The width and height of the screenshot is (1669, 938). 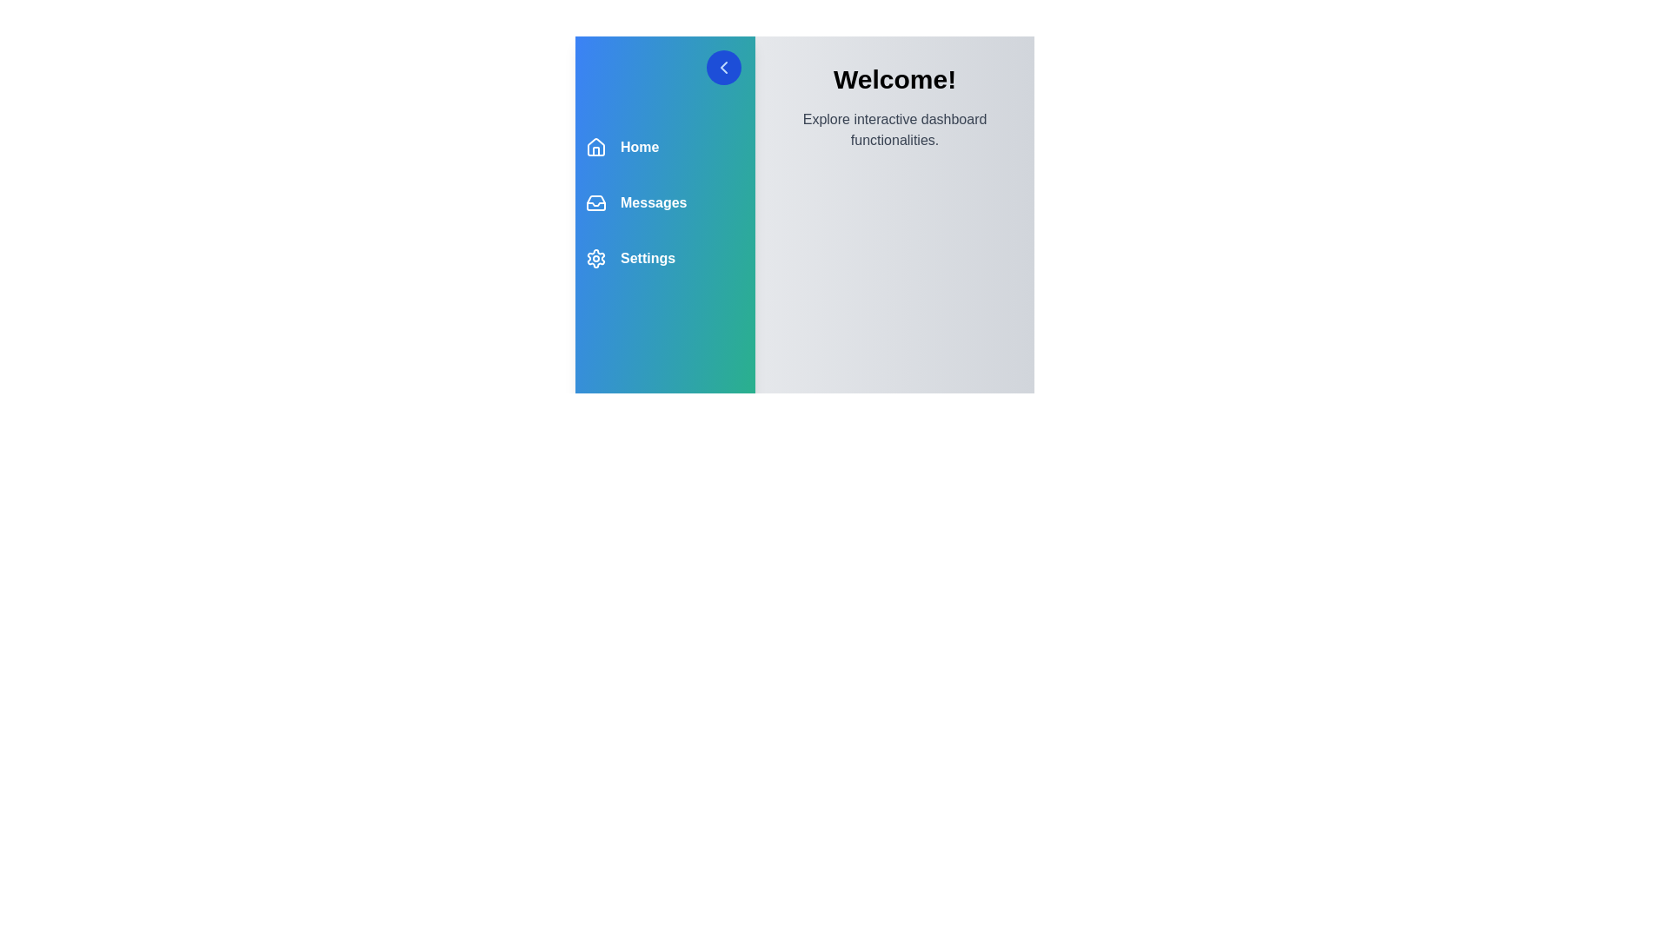 What do you see at coordinates (596, 202) in the screenshot?
I see `the sidebar menu icon that resembles a box with an opening at the top, located next to the 'Messages' label` at bounding box center [596, 202].